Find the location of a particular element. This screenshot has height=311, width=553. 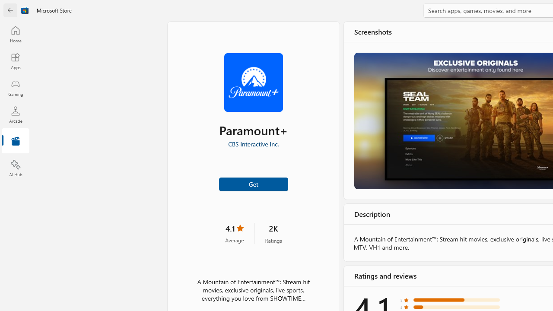

'AI Hub' is located at coordinates (15, 168).